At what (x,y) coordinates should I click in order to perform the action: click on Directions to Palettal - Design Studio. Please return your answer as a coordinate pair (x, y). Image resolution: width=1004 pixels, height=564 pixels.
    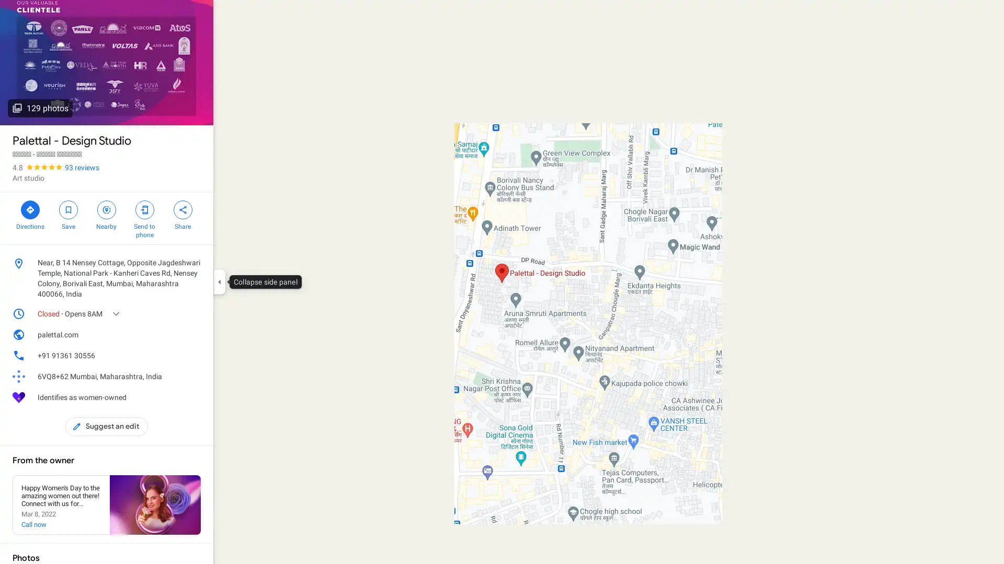
    Looking at the image, I should click on (30, 213).